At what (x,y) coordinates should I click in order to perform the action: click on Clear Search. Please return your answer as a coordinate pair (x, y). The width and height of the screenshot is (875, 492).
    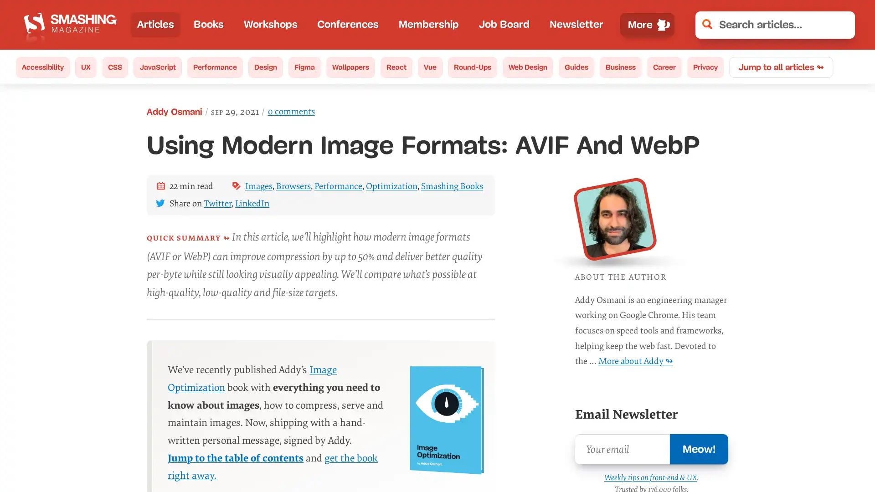
    Looking at the image, I should click on (841, 24).